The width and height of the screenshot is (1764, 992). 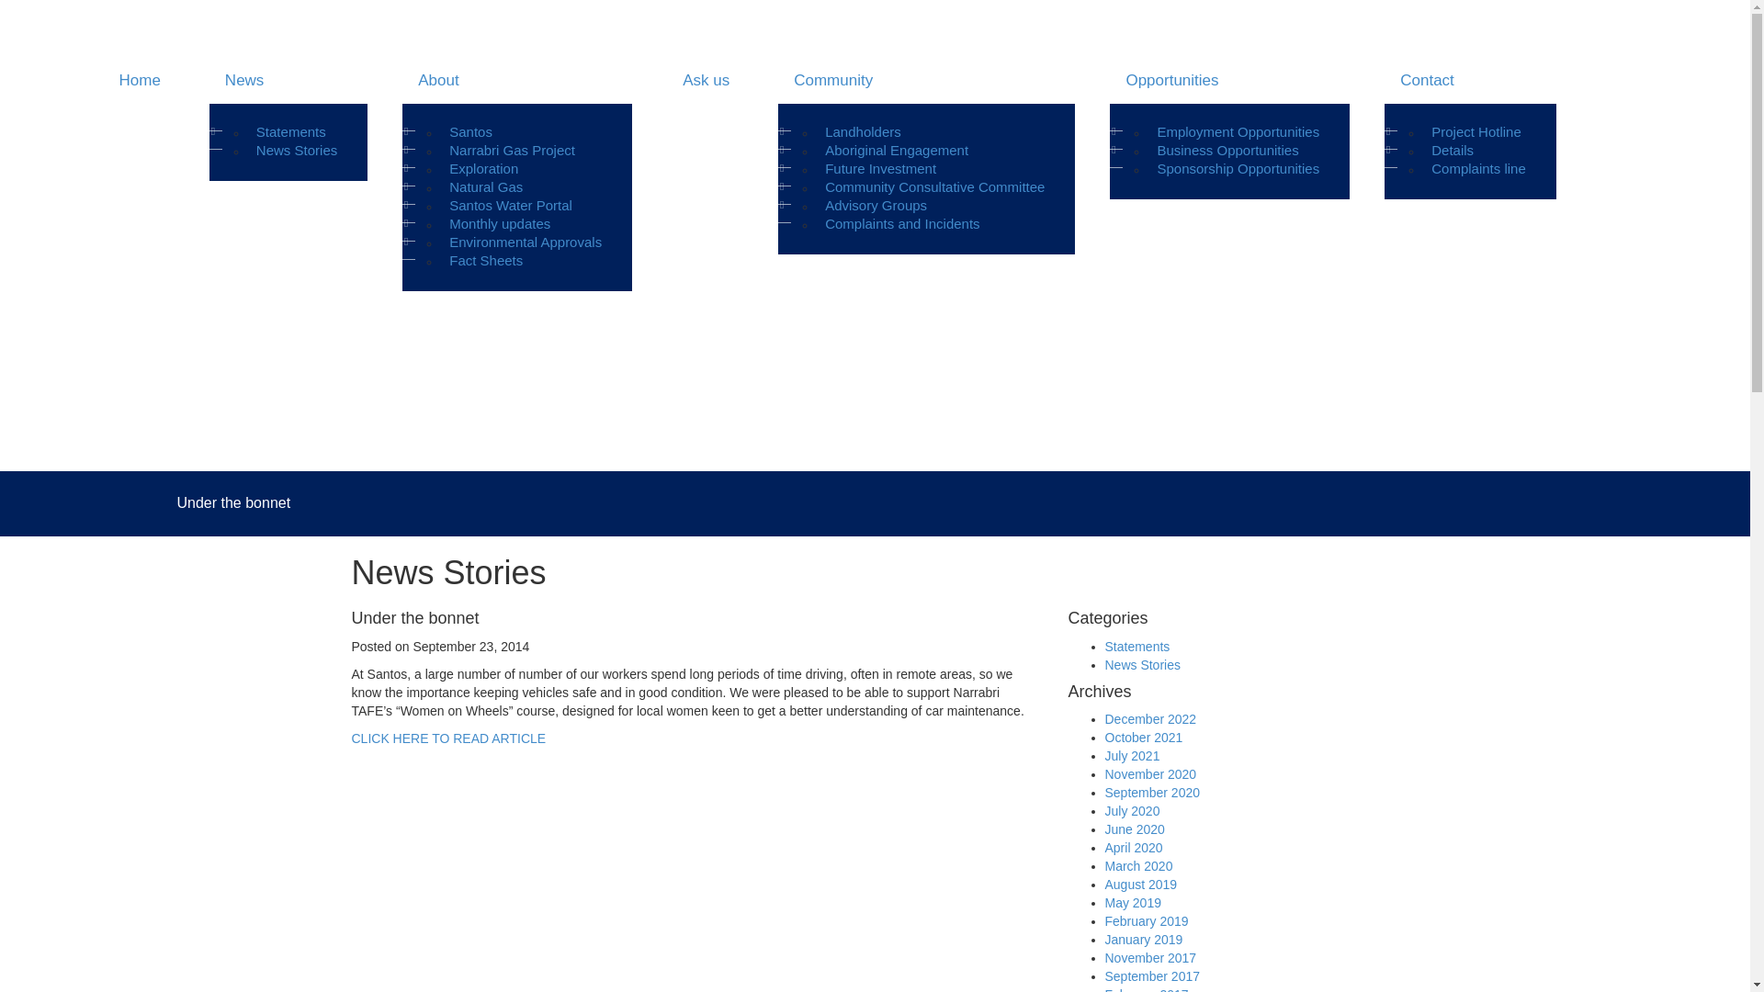 What do you see at coordinates (1102, 847) in the screenshot?
I see `'April 2020'` at bounding box center [1102, 847].